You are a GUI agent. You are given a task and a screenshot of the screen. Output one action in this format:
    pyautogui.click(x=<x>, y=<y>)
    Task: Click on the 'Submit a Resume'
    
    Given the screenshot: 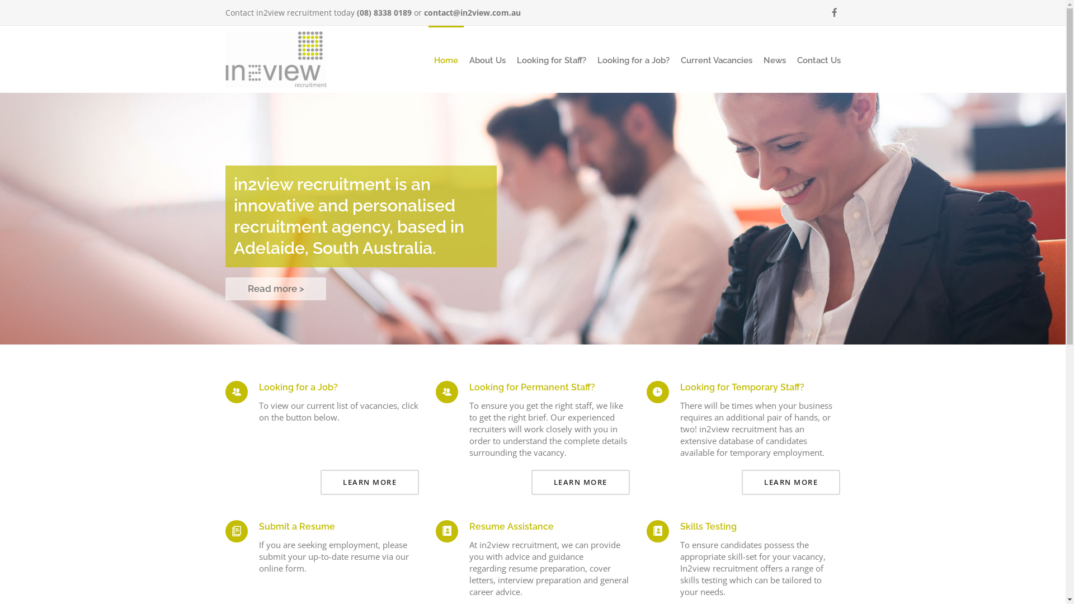 What is the action you would take?
    pyautogui.click(x=296, y=526)
    